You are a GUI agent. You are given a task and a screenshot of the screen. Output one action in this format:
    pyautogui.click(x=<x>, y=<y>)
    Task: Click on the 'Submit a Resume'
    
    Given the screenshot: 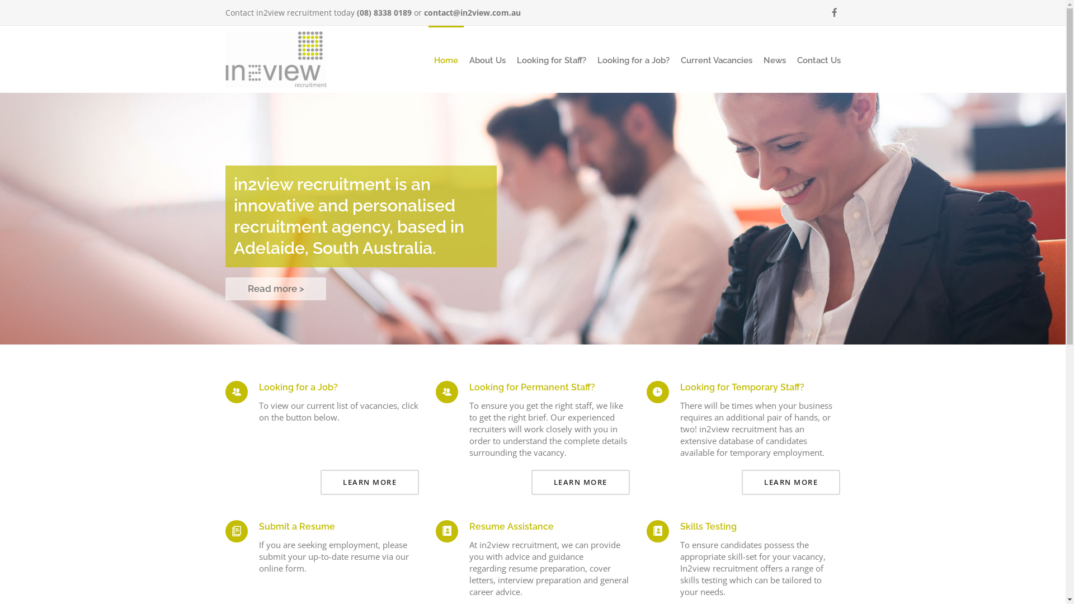 What is the action you would take?
    pyautogui.click(x=296, y=526)
    